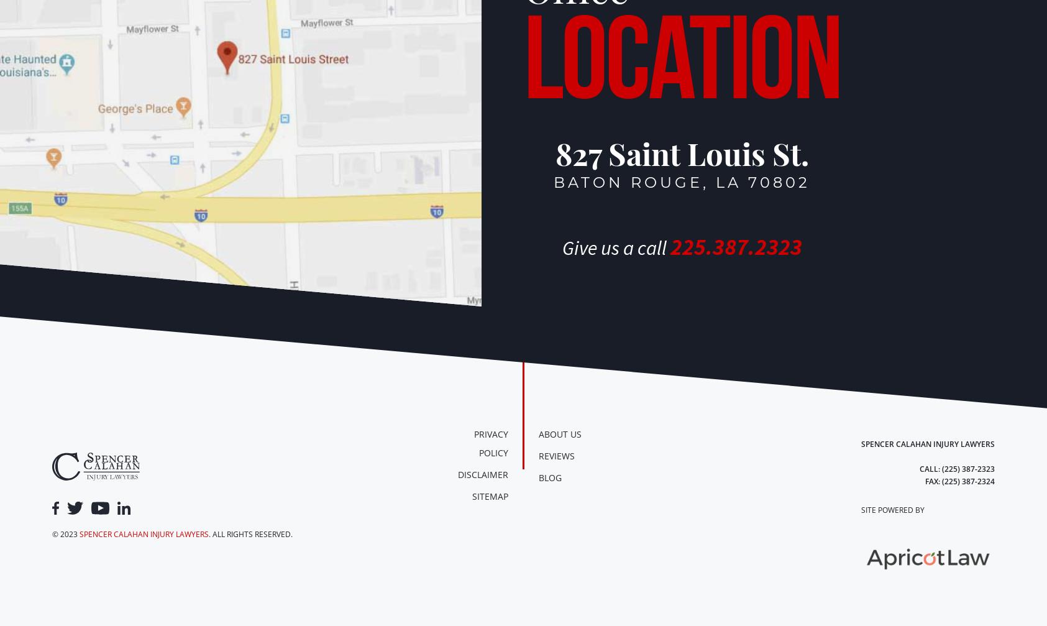 The width and height of the screenshot is (1047, 626). I want to click on '(225) 387-2324', so click(967, 481).